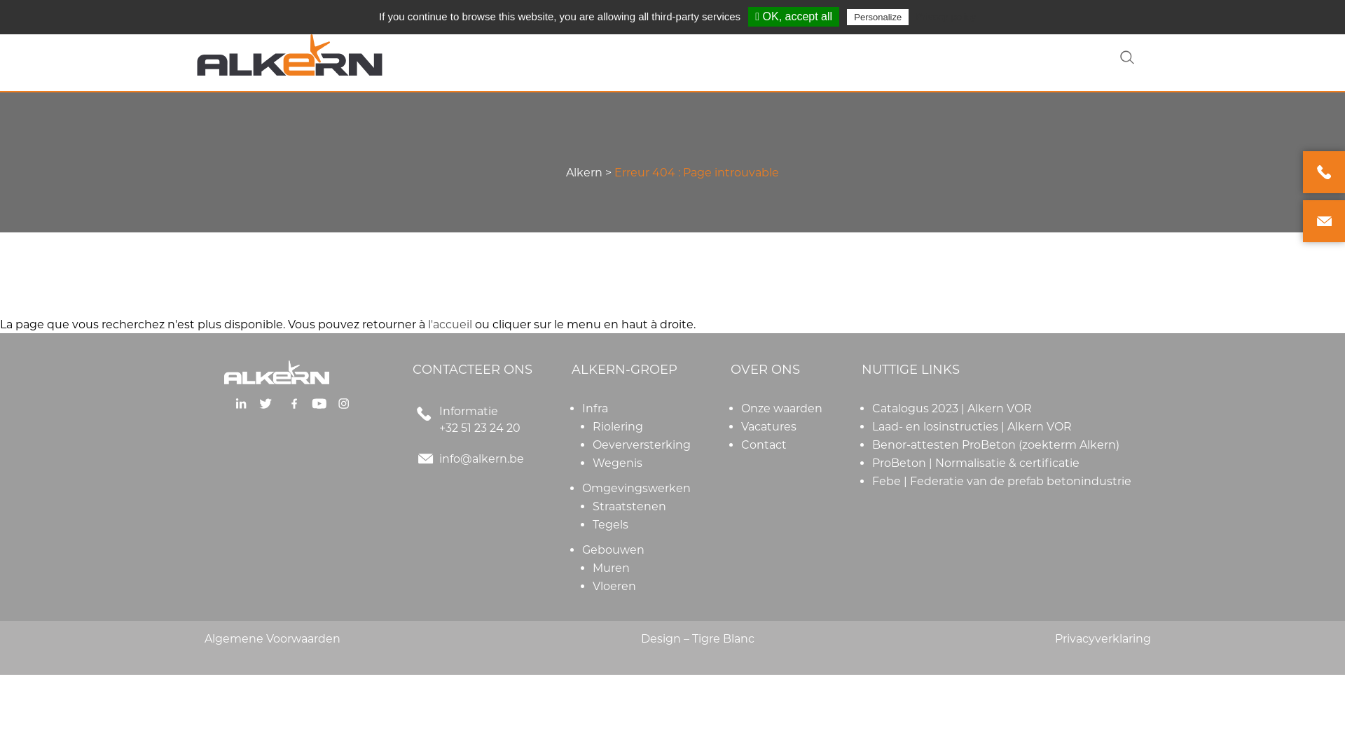  Describe the element at coordinates (616, 463) in the screenshot. I see `'Wegenis'` at that location.